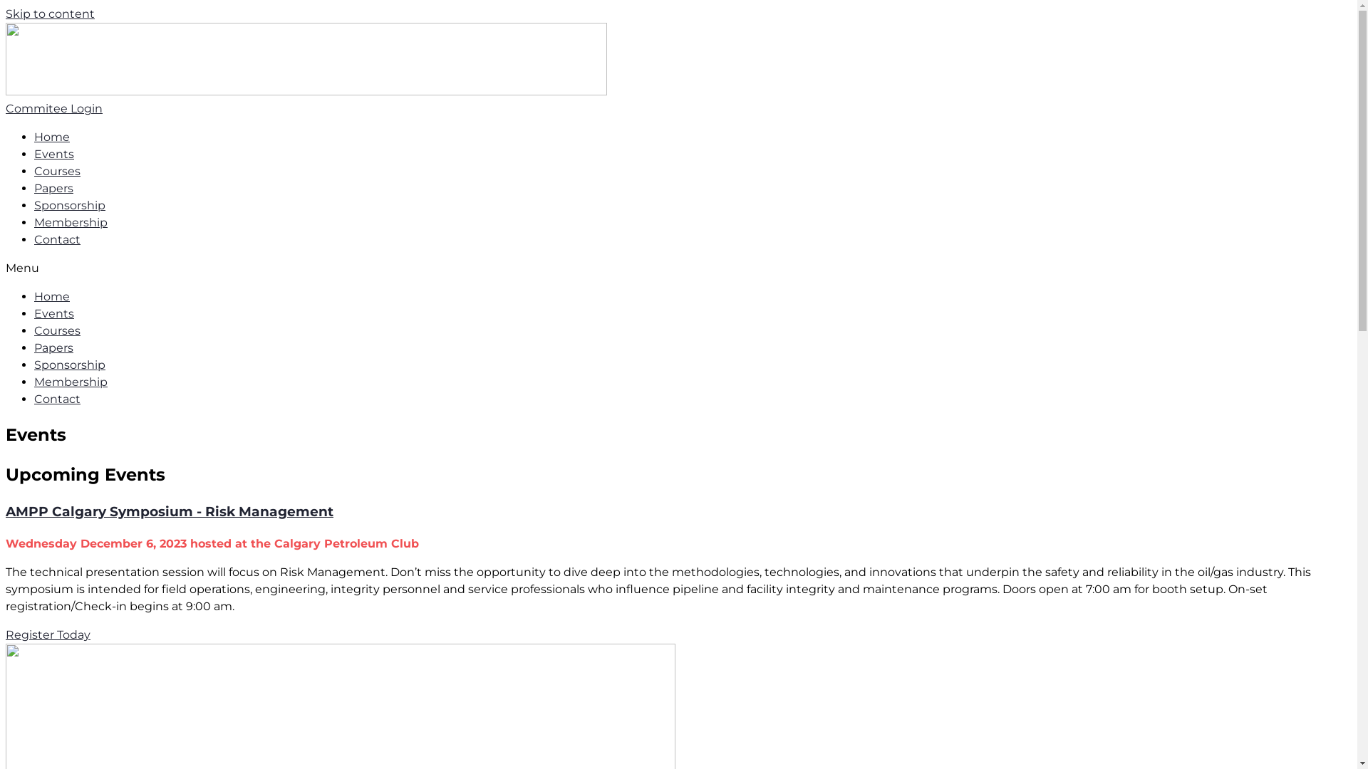 This screenshot has height=769, width=1368. What do you see at coordinates (57, 239) in the screenshot?
I see `'Contact'` at bounding box center [57, 239].